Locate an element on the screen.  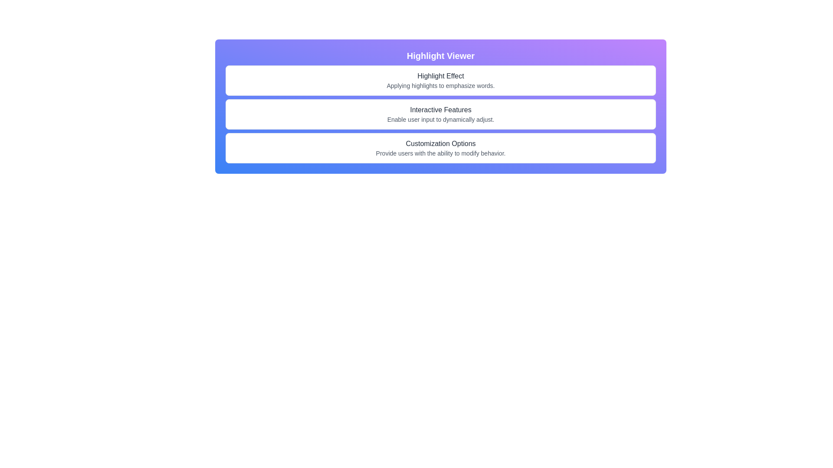
the 7th character 'z' in the word 'Customization' within the phrase 'Customization Options', which is located in the bottom-most rectangular section of the interface is located at coordinates (430, 143).